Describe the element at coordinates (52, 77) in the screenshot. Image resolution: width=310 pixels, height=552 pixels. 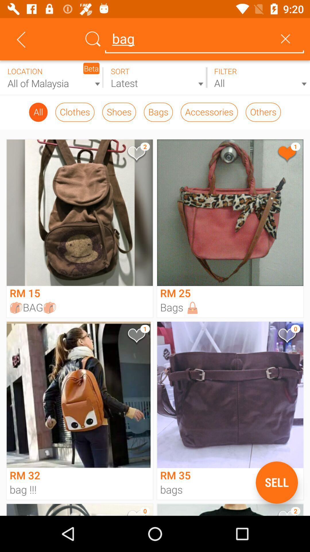
I see `edit location of products` at that location.